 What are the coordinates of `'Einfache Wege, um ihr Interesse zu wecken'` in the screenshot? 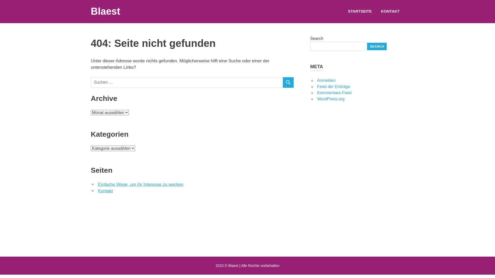 It's located at (141, 184).